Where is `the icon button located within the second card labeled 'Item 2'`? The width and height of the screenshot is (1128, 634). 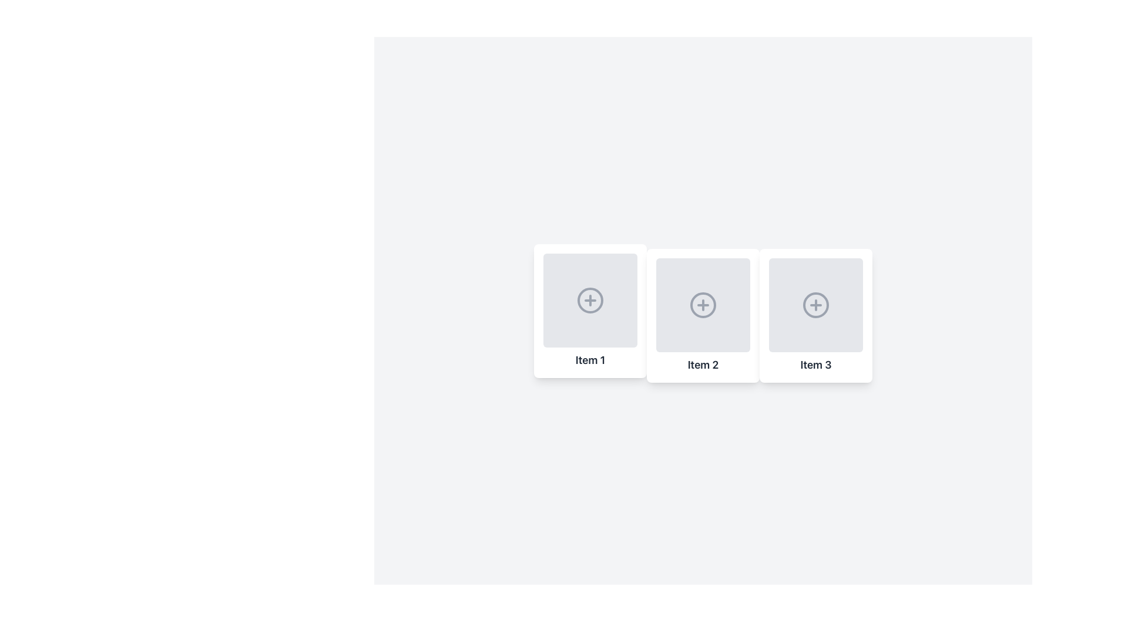 the icon button located within the second card labeled 'Item 2' is located at coordinates (703, 304).